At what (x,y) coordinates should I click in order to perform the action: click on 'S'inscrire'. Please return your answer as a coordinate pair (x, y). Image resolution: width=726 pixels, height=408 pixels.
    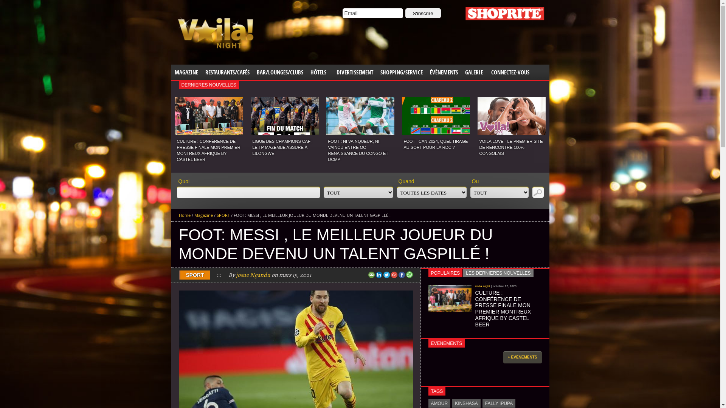
    Looking at the image, I should click on (422, 13).